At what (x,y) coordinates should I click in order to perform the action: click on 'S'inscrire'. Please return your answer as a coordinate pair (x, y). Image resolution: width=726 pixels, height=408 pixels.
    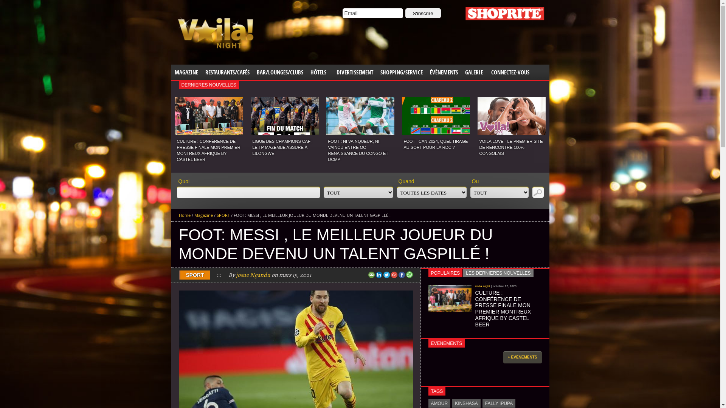
    Looking at the image, I should click on (422, 13).